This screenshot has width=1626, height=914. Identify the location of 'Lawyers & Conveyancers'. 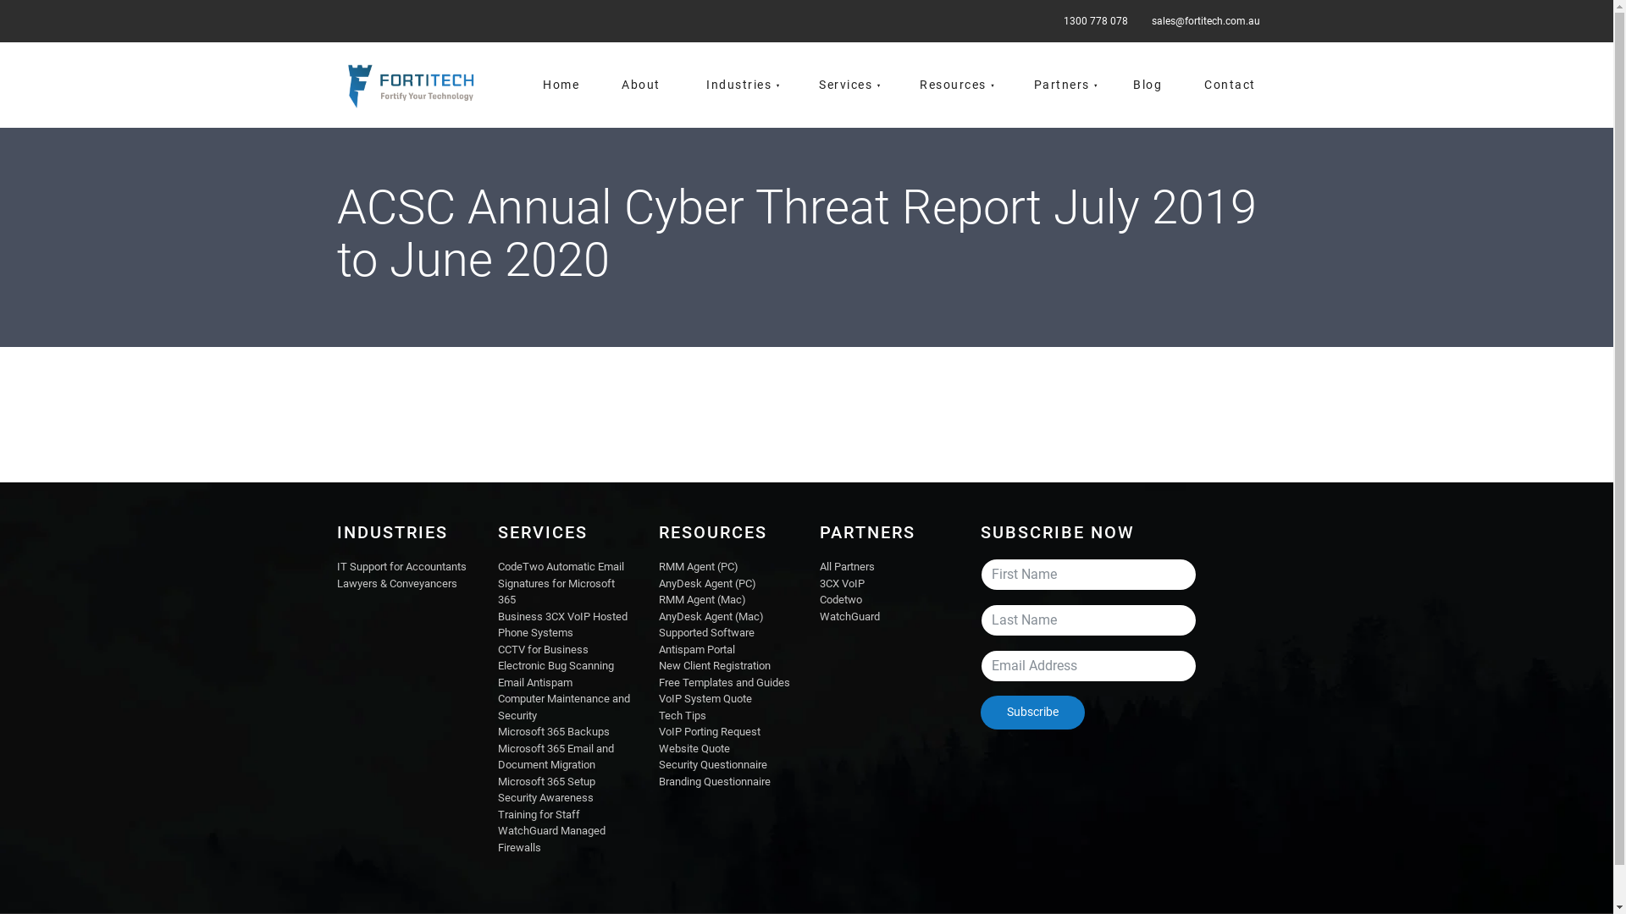
(396, 582).